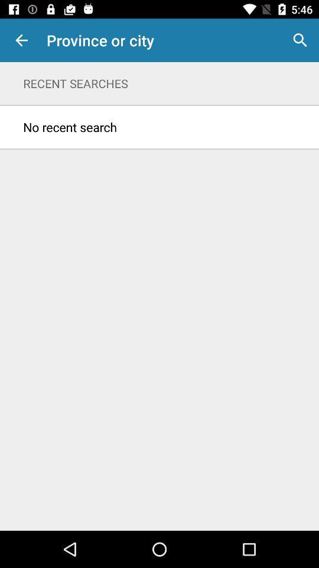  What do you see at coordinates (21, 40) in the screenshot?
I see `app to the left of province or city item` at bounding box center [21, 40].